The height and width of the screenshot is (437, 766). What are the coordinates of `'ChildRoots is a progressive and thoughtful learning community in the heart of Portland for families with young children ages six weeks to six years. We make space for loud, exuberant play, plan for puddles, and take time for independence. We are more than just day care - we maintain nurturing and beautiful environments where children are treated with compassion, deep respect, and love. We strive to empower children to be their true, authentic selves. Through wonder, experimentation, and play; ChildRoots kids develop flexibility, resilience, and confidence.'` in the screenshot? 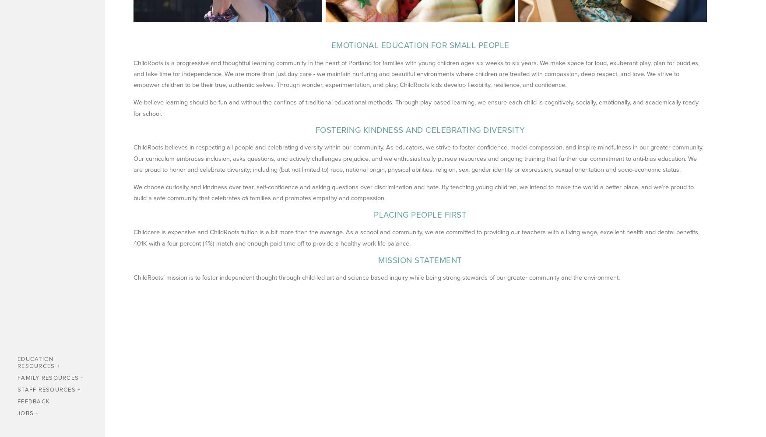 It's located at (417, 73).